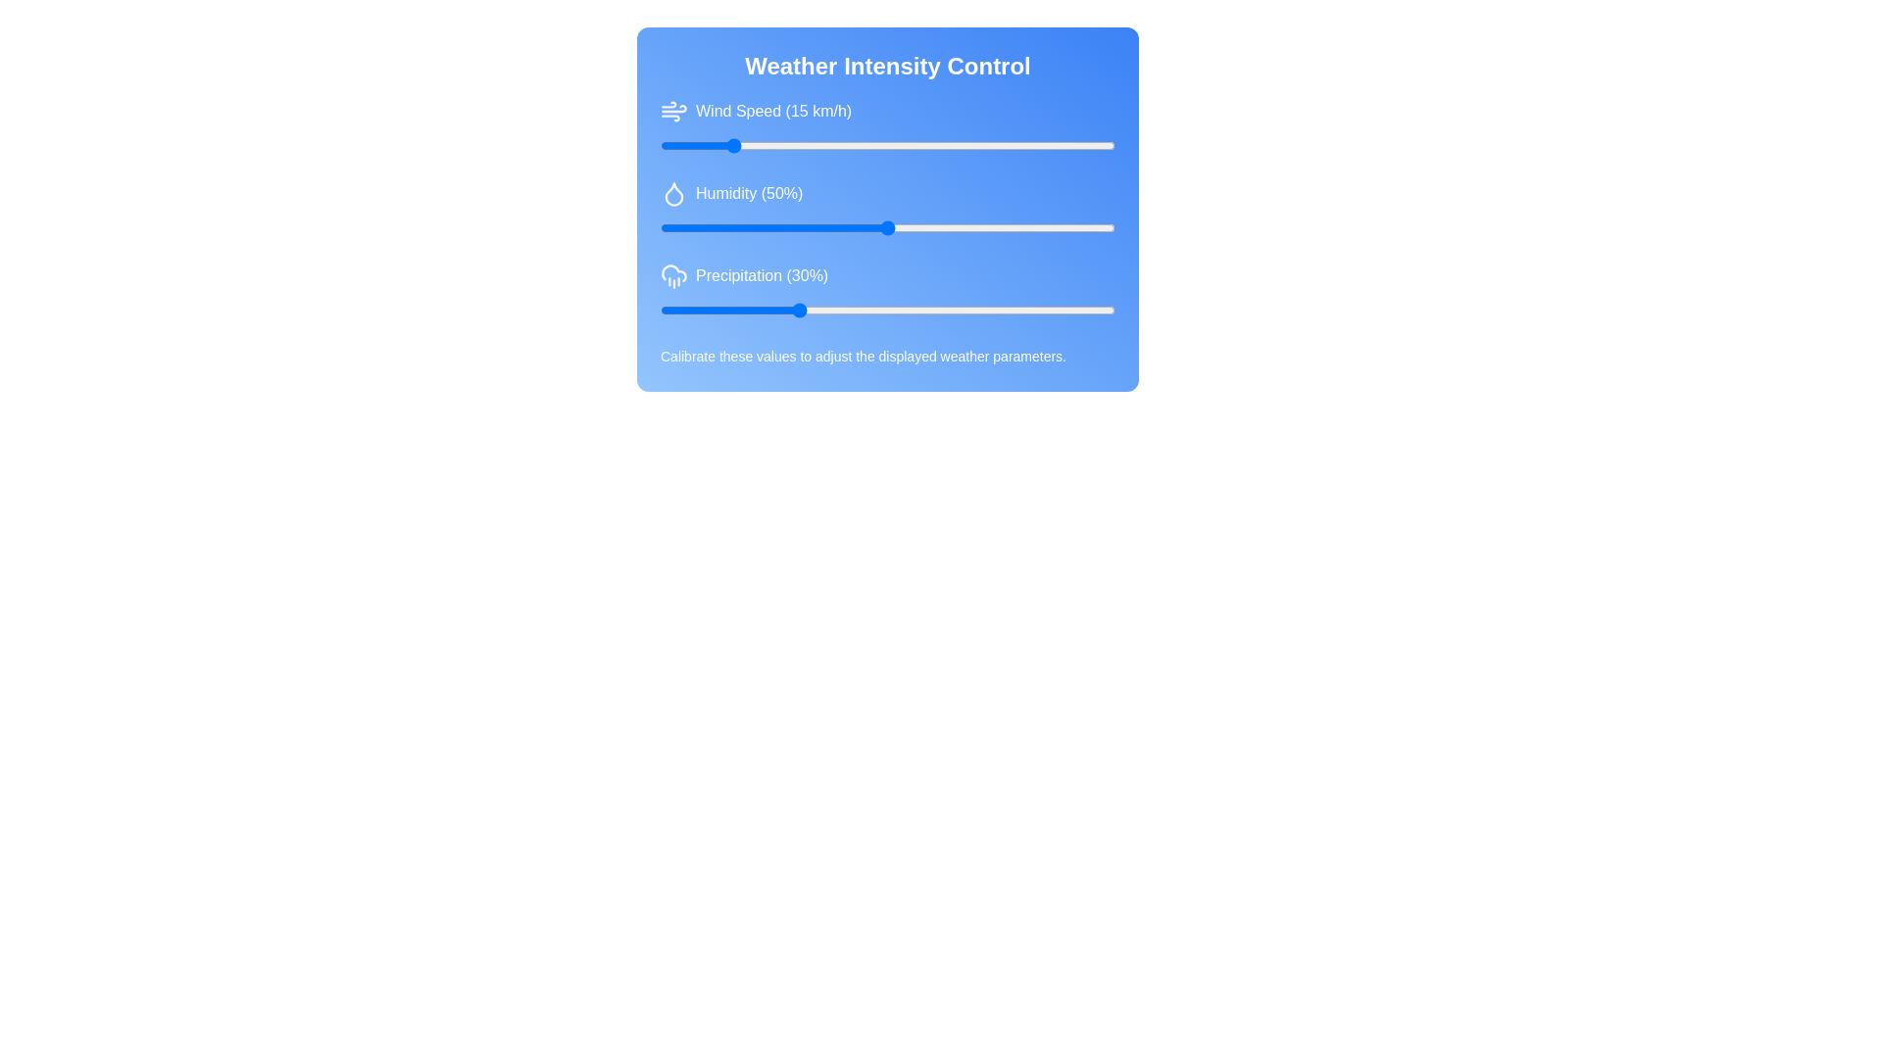 The width and height of the screenshot is (1882, 1058). I want to click on the 'Humidity' icon located to the left of the text 'Humidity (50%)' in the weather control interface, so click(673, 193).